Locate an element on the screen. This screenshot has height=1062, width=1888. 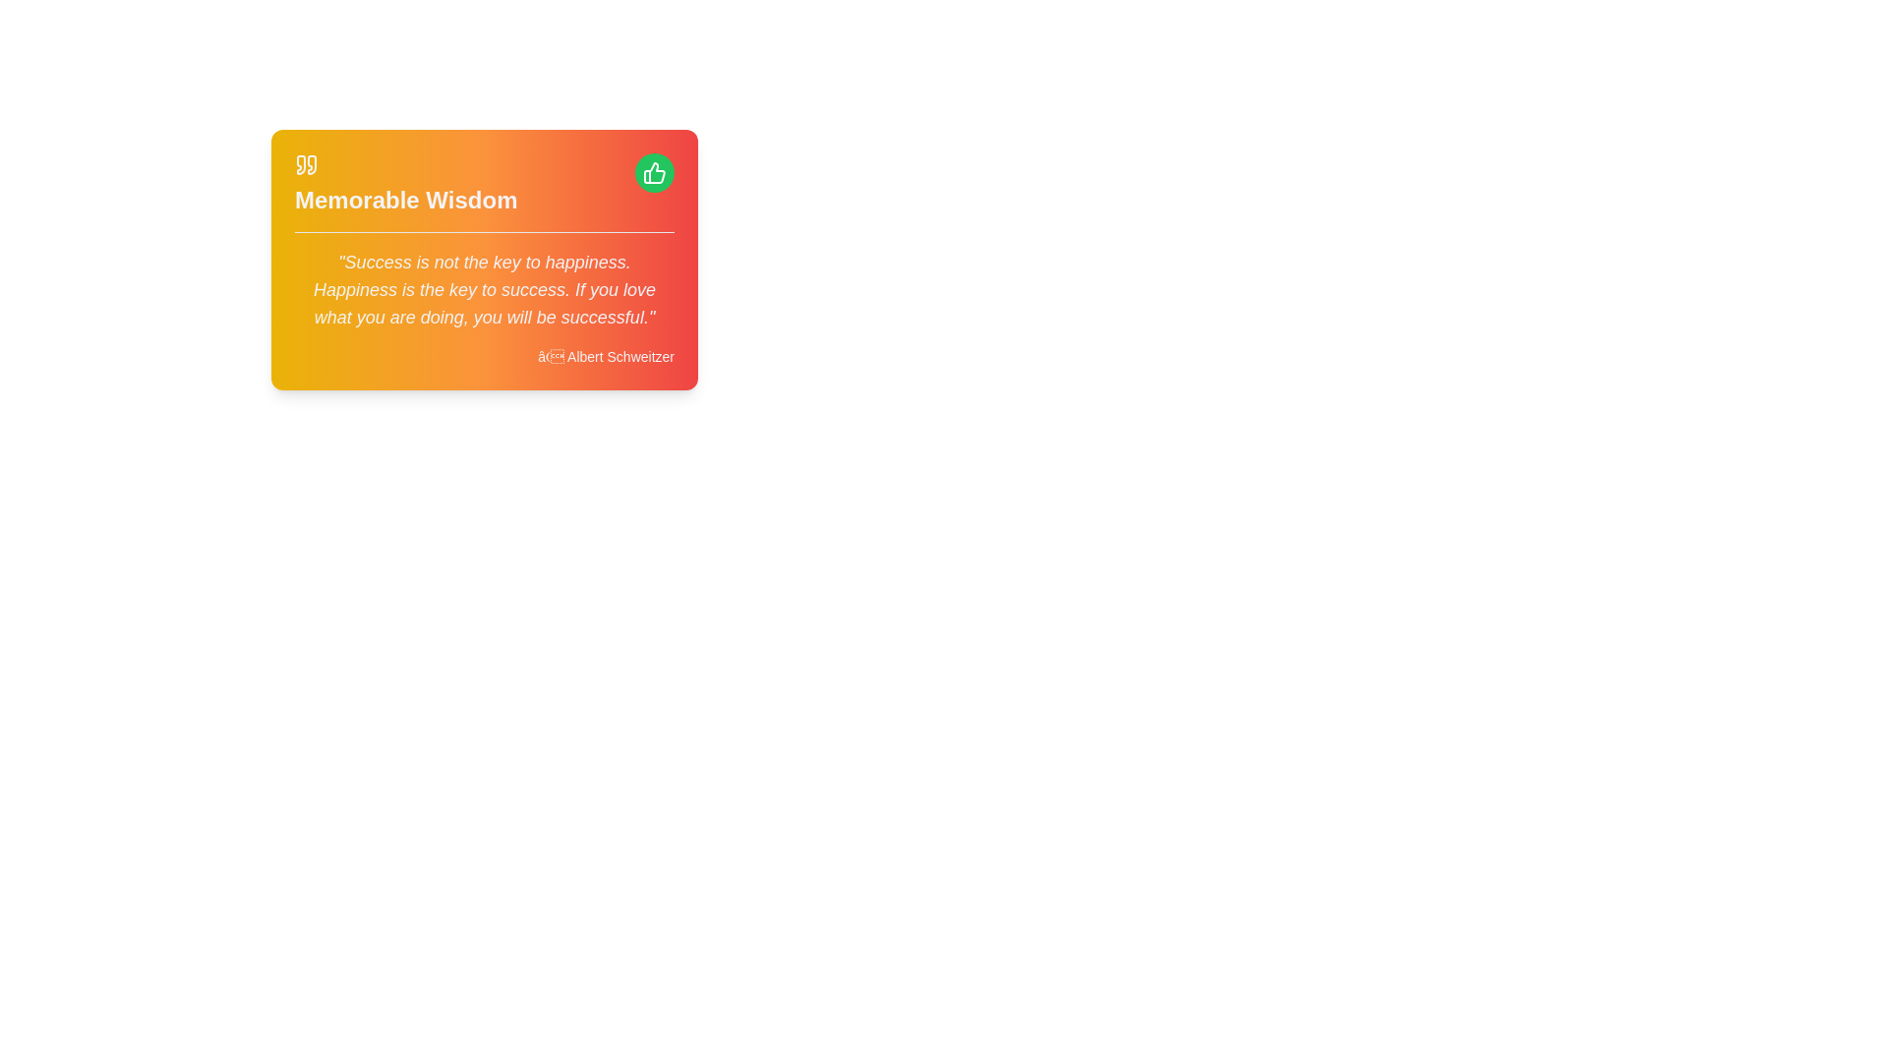
the Text Display element that shows a quotation in italicized serif font on a gradient background, located beneath the bold title 'Memorable Wisdom' is located at coordinates (485, 289).